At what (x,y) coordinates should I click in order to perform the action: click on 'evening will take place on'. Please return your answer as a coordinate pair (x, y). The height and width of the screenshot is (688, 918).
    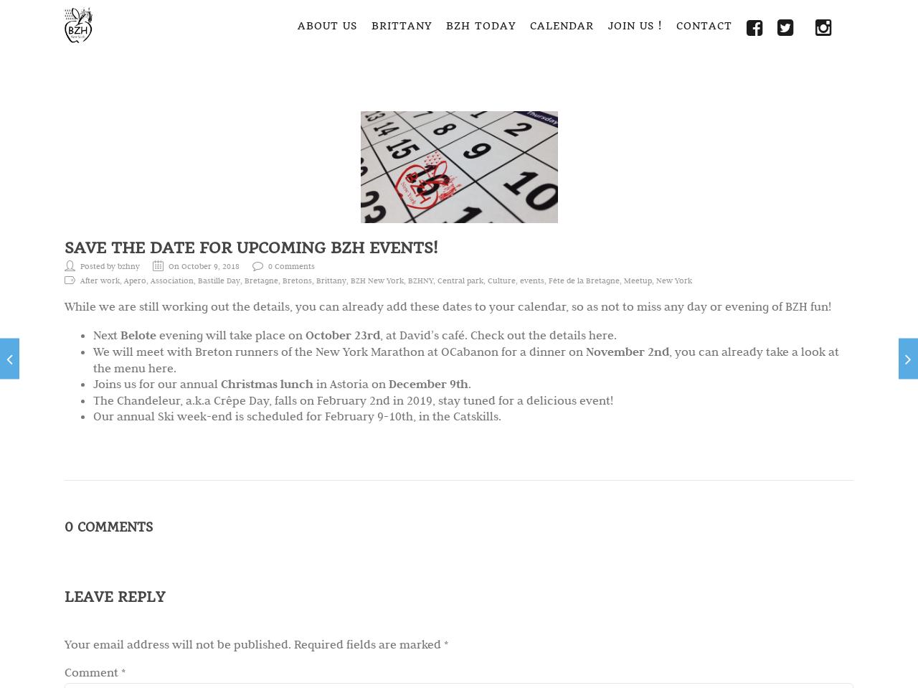
    Looking at the image, I should click on (156, 333).